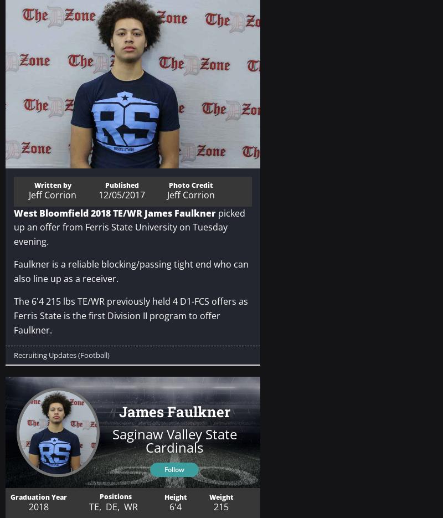 The height and width of the screenshot is (518, 443). I want to click on '12/05/2017', so click(98, 193).